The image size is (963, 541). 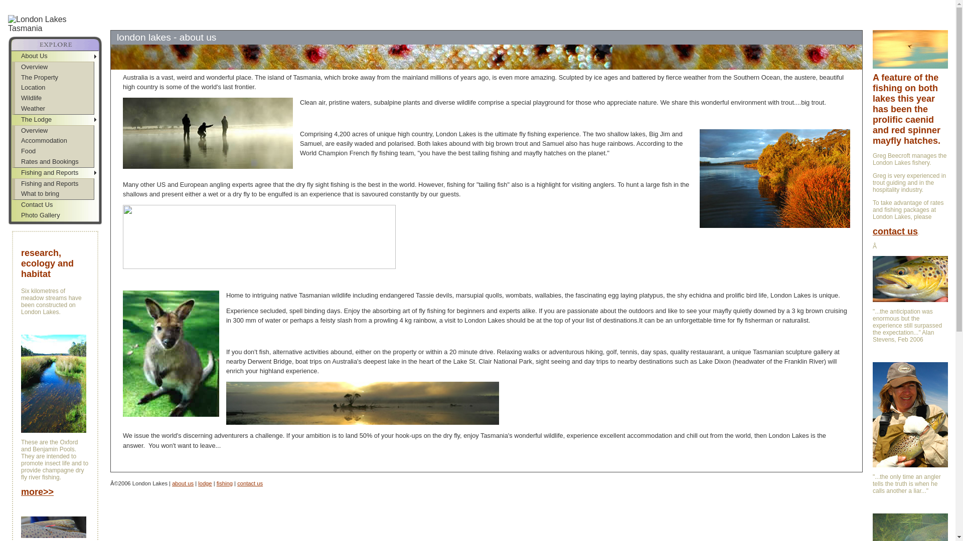 I want to click on 'about us', so click(x=172, y=482).